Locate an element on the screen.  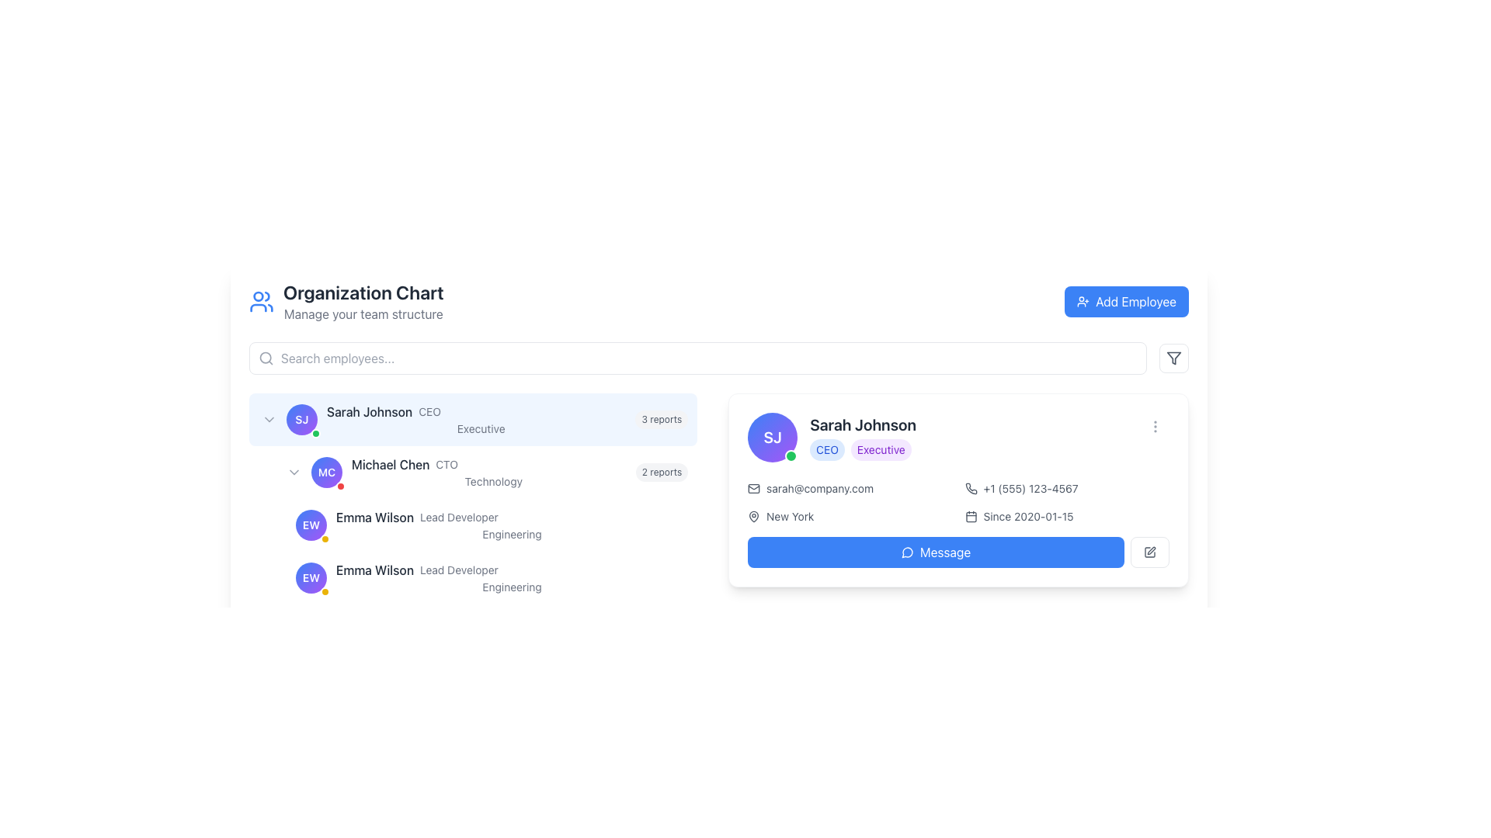
the button located in the bottom-right section of the user details card for visual feedback is located at coordinates (958, 552).